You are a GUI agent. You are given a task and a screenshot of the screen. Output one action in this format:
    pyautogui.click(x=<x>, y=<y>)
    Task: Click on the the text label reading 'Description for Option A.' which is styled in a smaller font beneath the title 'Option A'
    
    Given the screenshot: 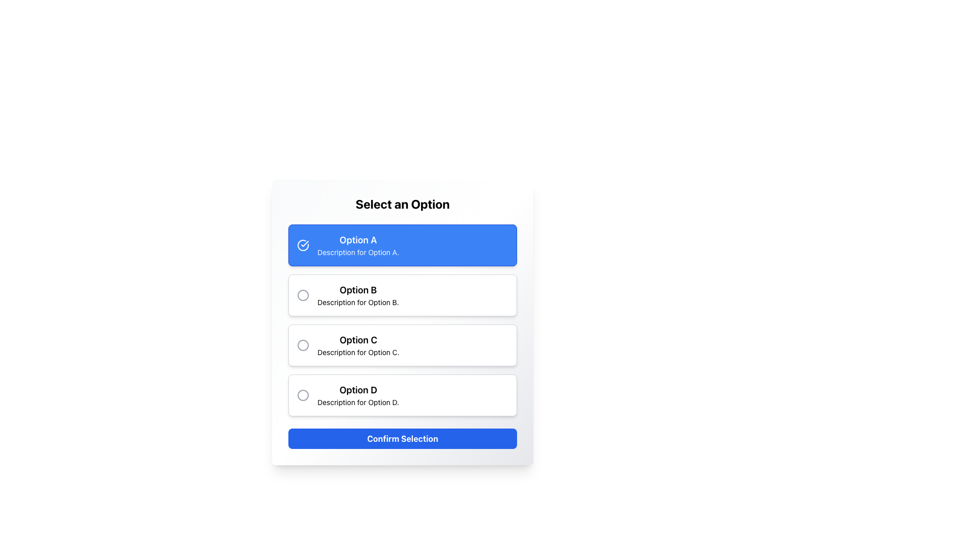 What is the action you would take?
    pyautogui.click(x=358, y=252)
    